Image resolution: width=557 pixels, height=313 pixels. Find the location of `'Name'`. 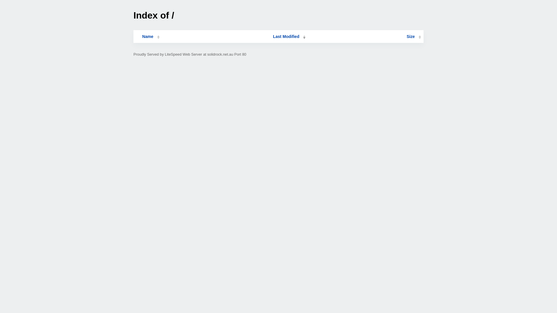

'Name' is located at coordinates (147, 37).